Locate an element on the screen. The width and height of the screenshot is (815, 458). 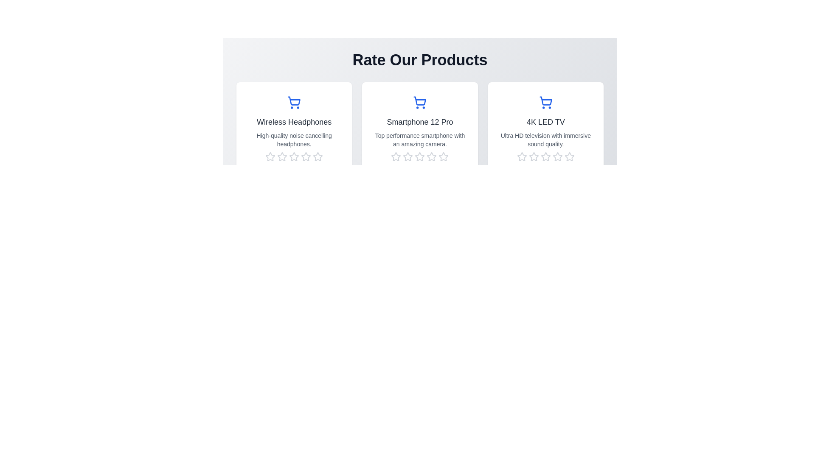
the product card for Smartphone 12 Pro is located at coordinates (420, 133).